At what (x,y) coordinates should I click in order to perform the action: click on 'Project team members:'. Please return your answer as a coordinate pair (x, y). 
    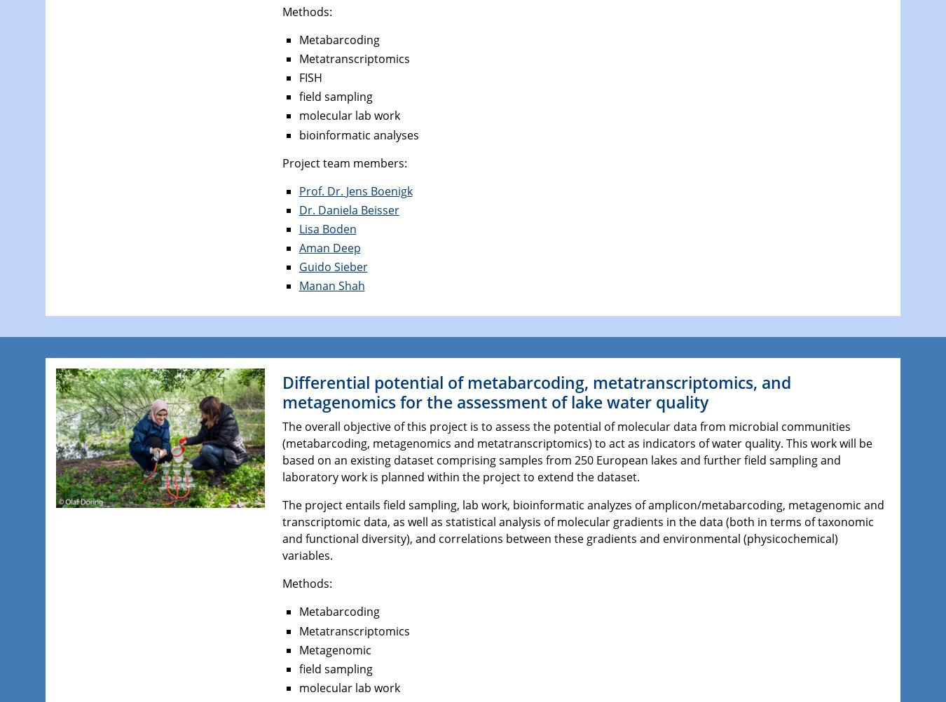
    Looking at the image, I should click on (343, 162).